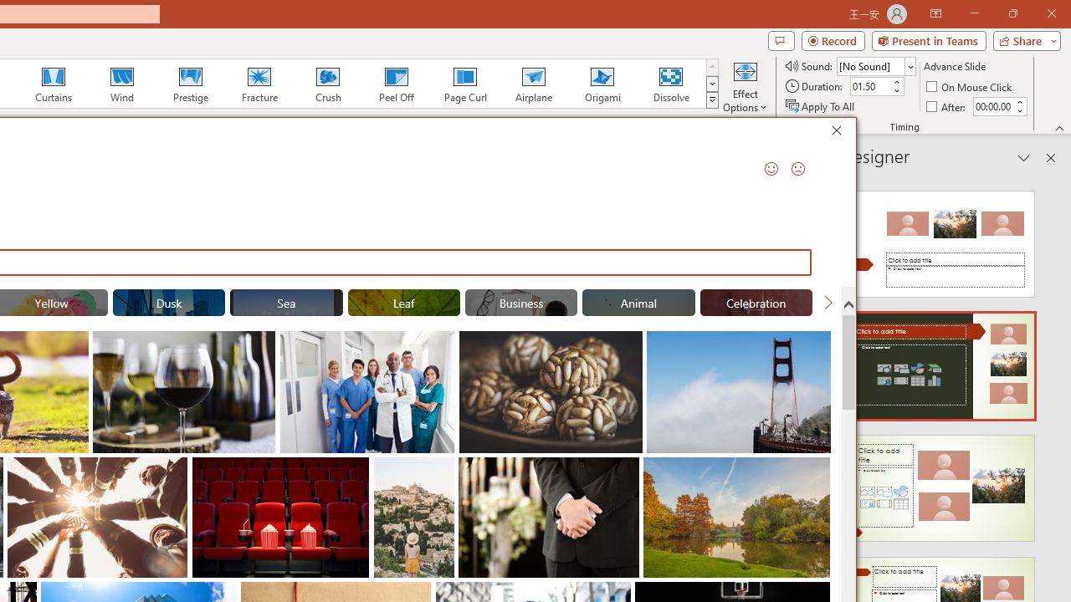 This screenshot has height=602, width=1071. What do you see at coordinates (168, 303) in the screenshot?
I see `'"Dusk" Stock Images.'` at bounding box center [168, 303].